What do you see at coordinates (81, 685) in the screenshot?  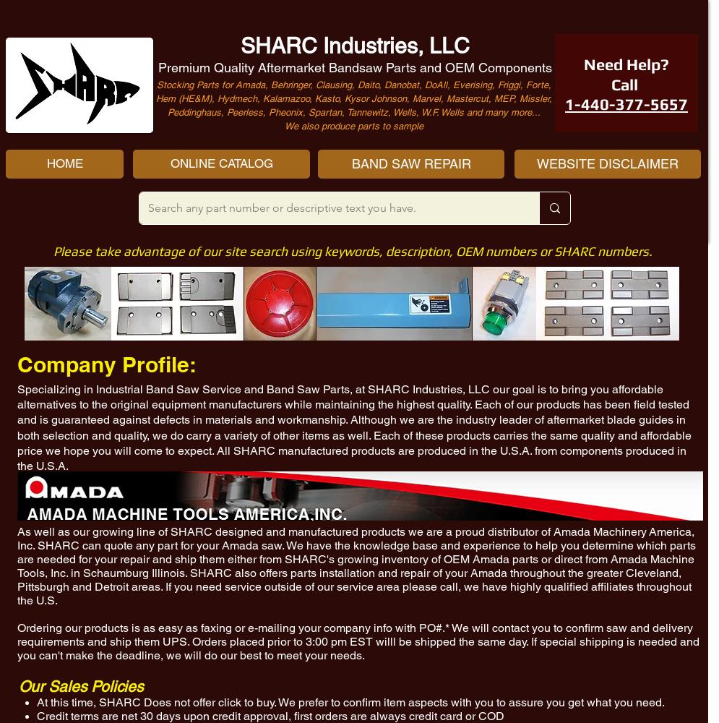 I see `'Our Sales Policies'` at bounding box center [81, 685].